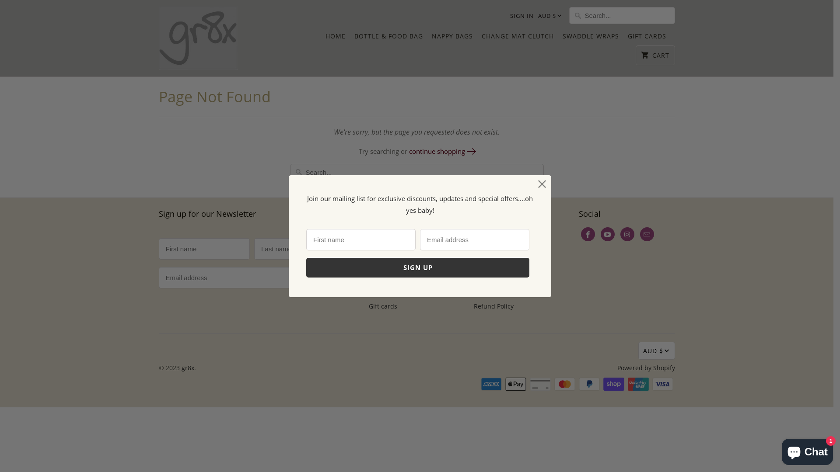  Describe the element at coordinates (636, 55) in the screenshot. I see `'CART'` at that location.